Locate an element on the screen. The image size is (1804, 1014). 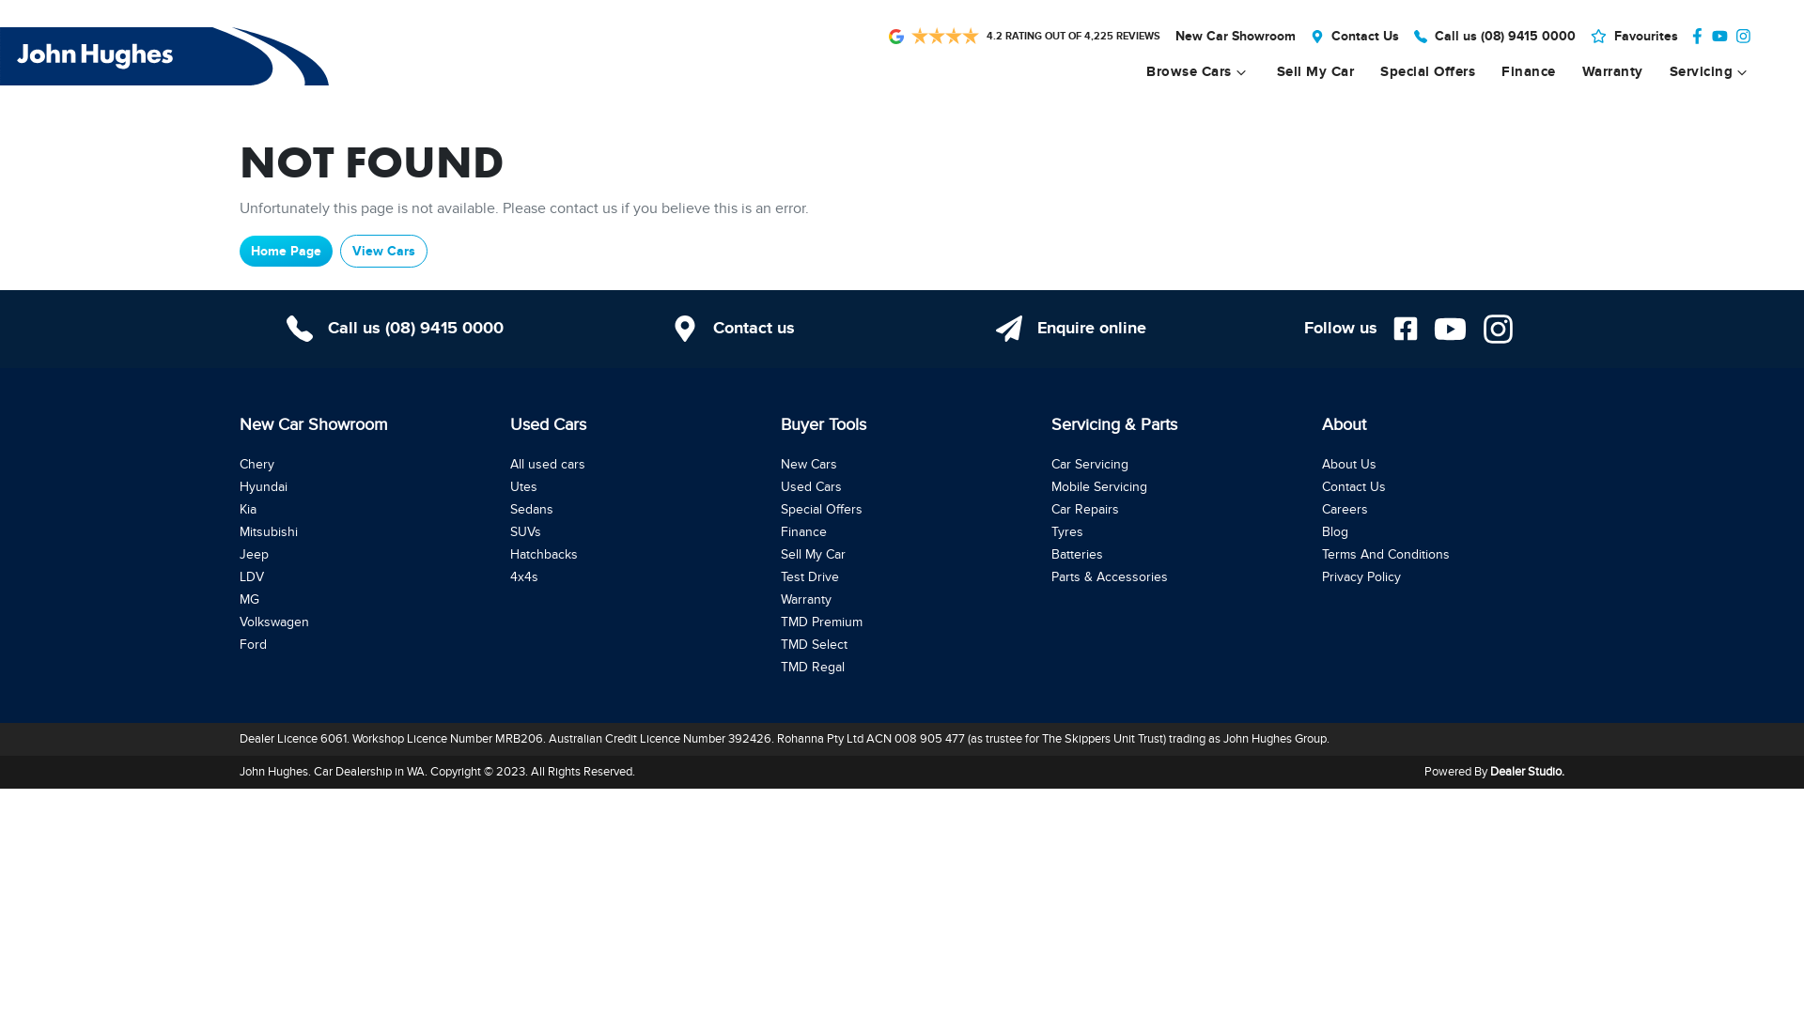
'Privacy Policy' is located at coordinates (1361, 576).